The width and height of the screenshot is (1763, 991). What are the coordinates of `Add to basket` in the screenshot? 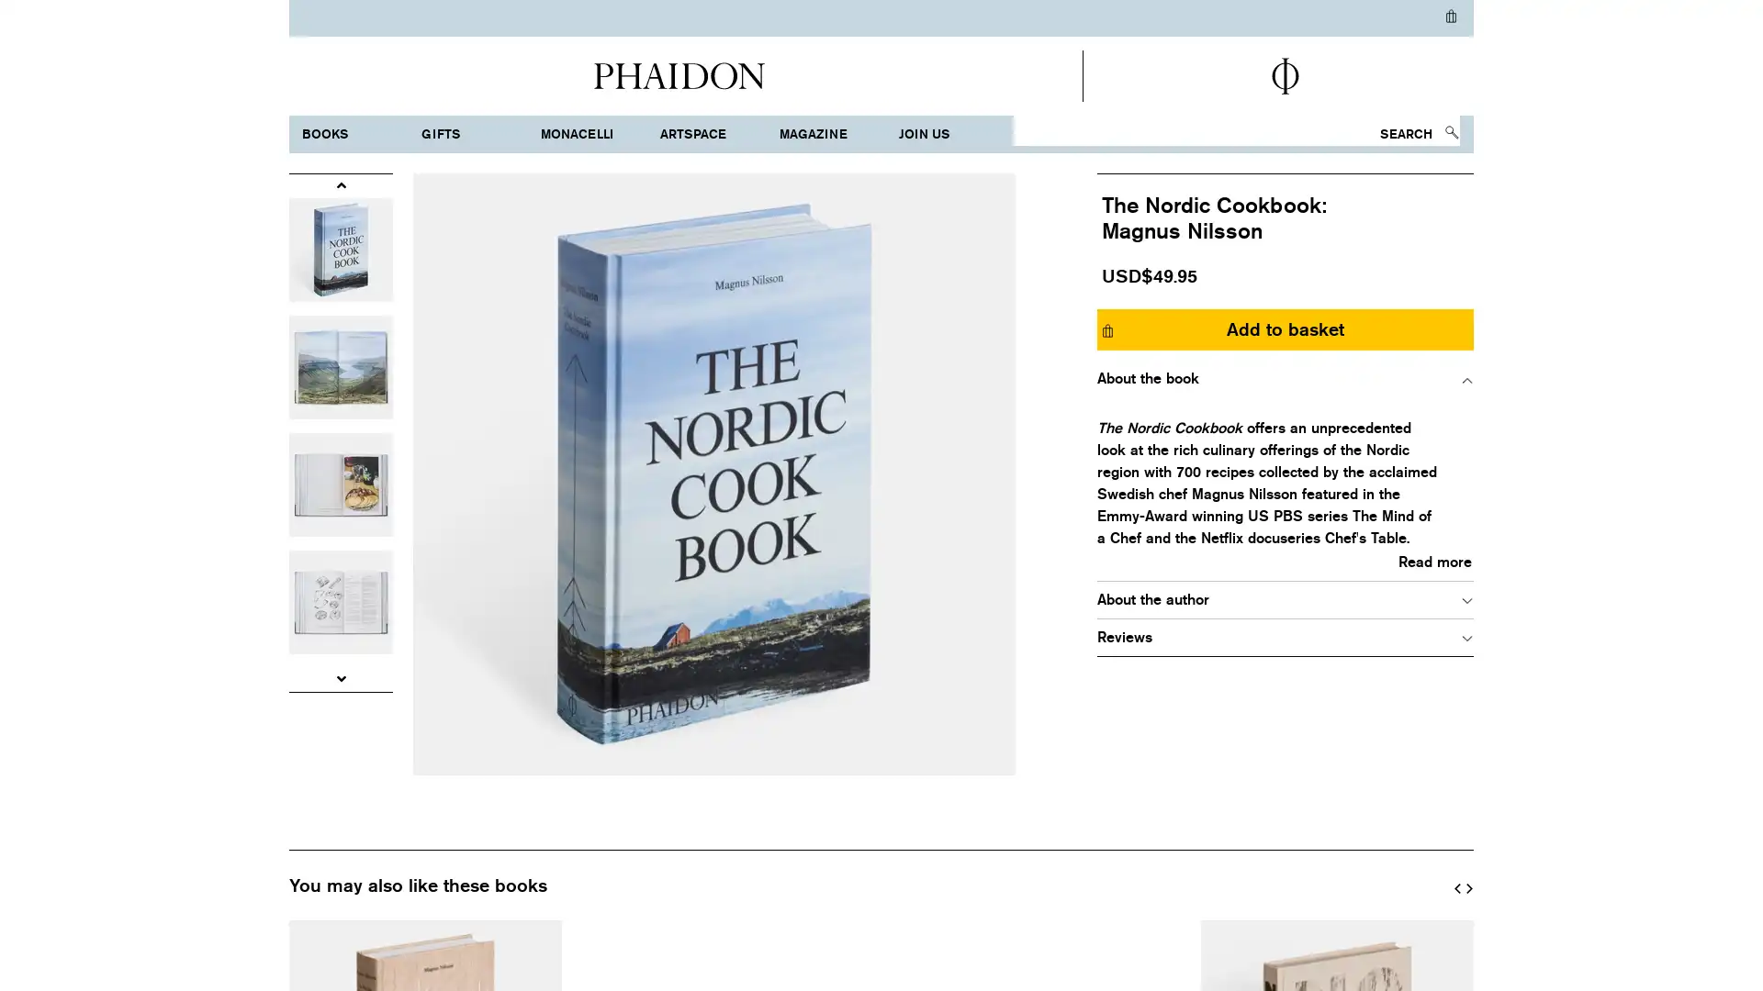 It's located at (1285, 328).